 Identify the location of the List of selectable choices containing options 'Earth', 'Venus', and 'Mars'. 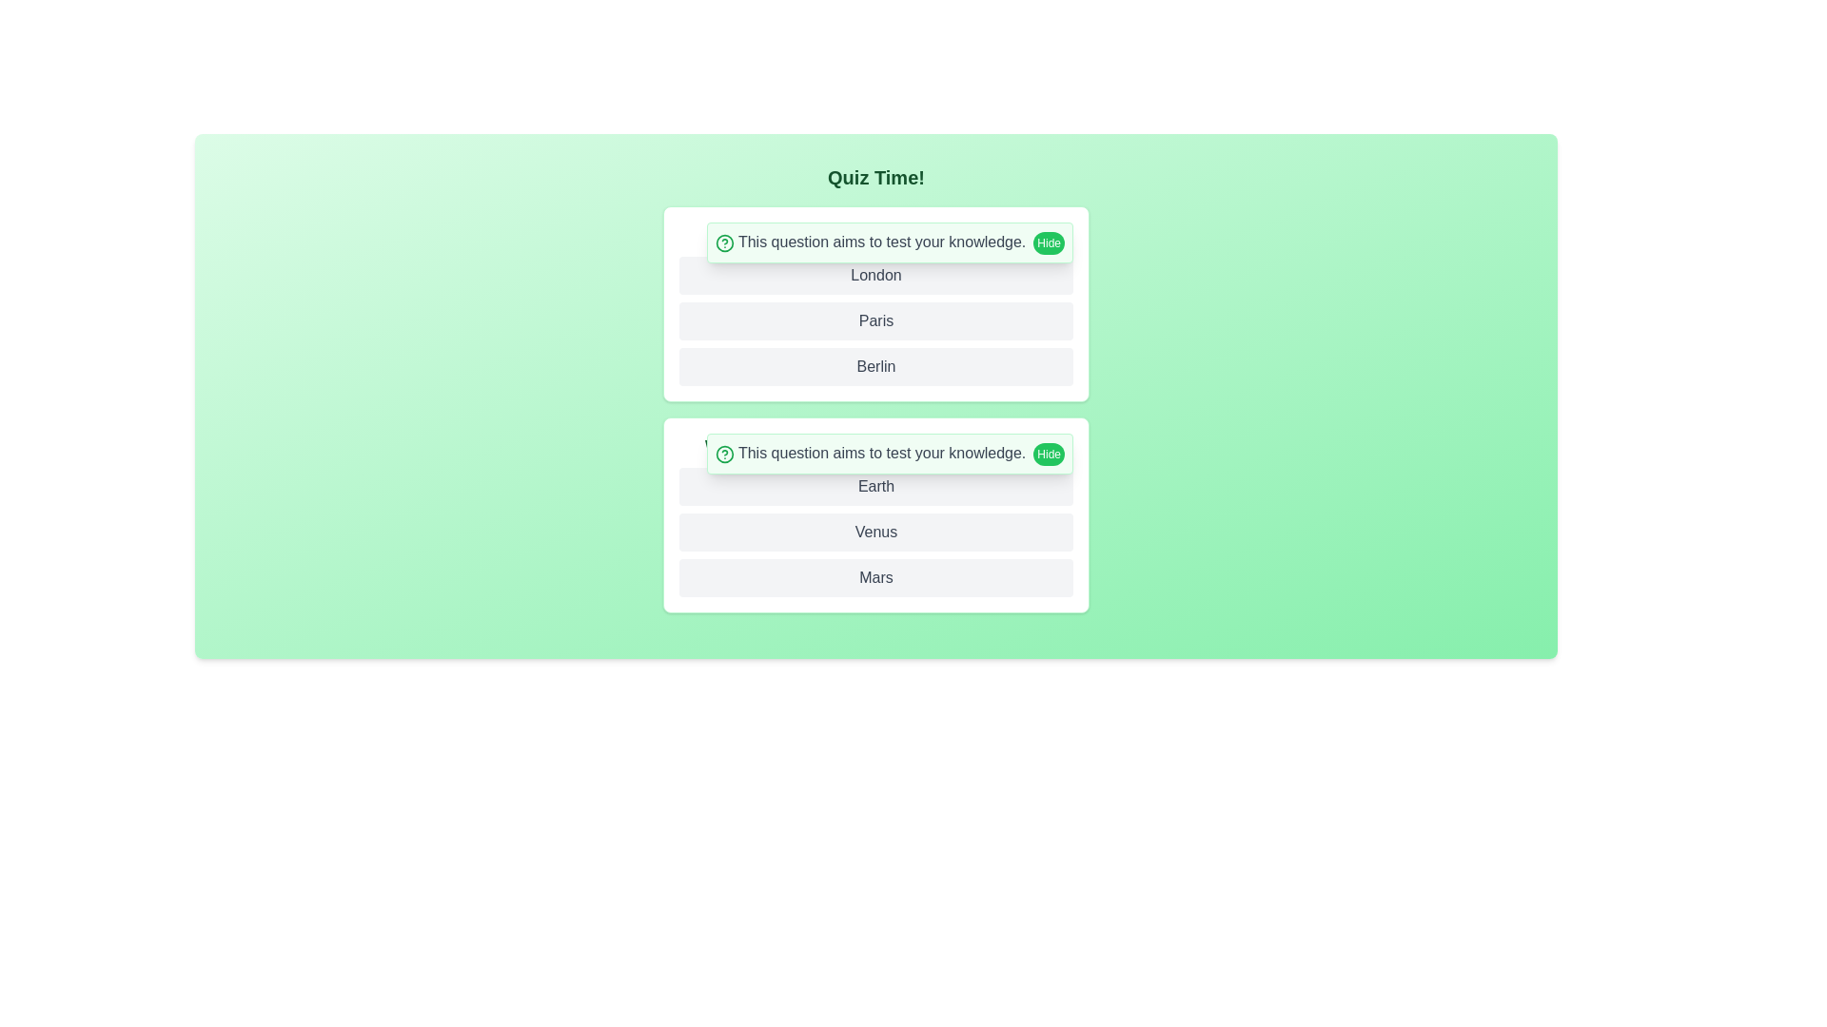
(875, 532).